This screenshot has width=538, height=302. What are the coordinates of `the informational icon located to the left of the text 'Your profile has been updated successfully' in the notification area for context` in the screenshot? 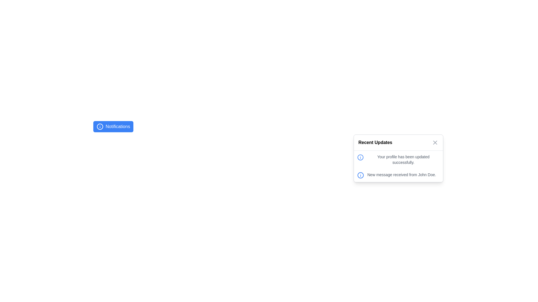 It's located at (360, 157).